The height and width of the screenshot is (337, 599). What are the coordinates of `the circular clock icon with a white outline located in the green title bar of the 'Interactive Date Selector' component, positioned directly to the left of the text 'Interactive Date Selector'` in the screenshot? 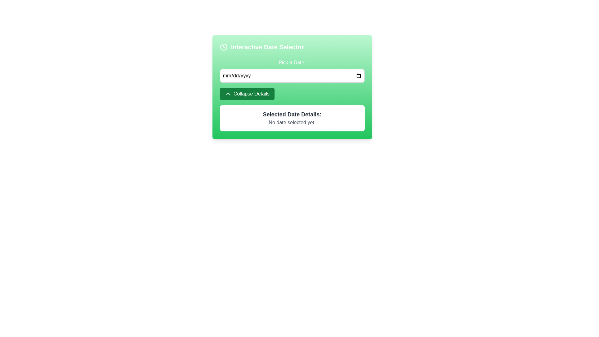 It's located at (223, 46).